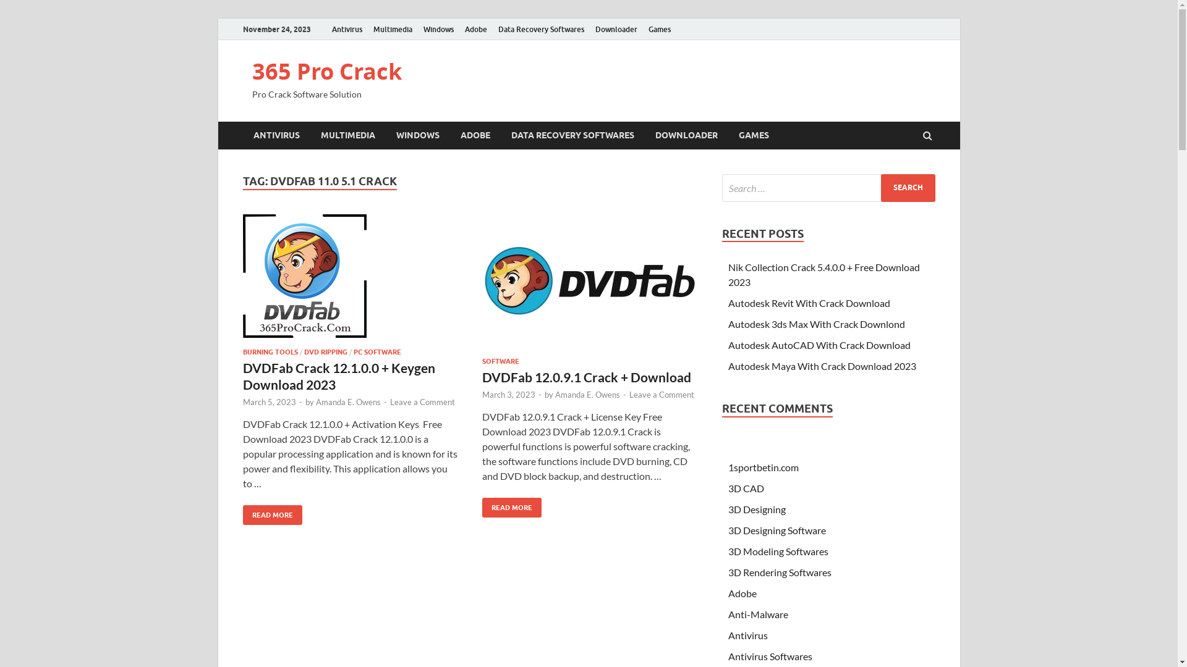 This screenshot has width=1187, height=667. Describe the element at coordinates (242, 352) in the screenshot. I see `'BURNING TOOLS'` at that location.